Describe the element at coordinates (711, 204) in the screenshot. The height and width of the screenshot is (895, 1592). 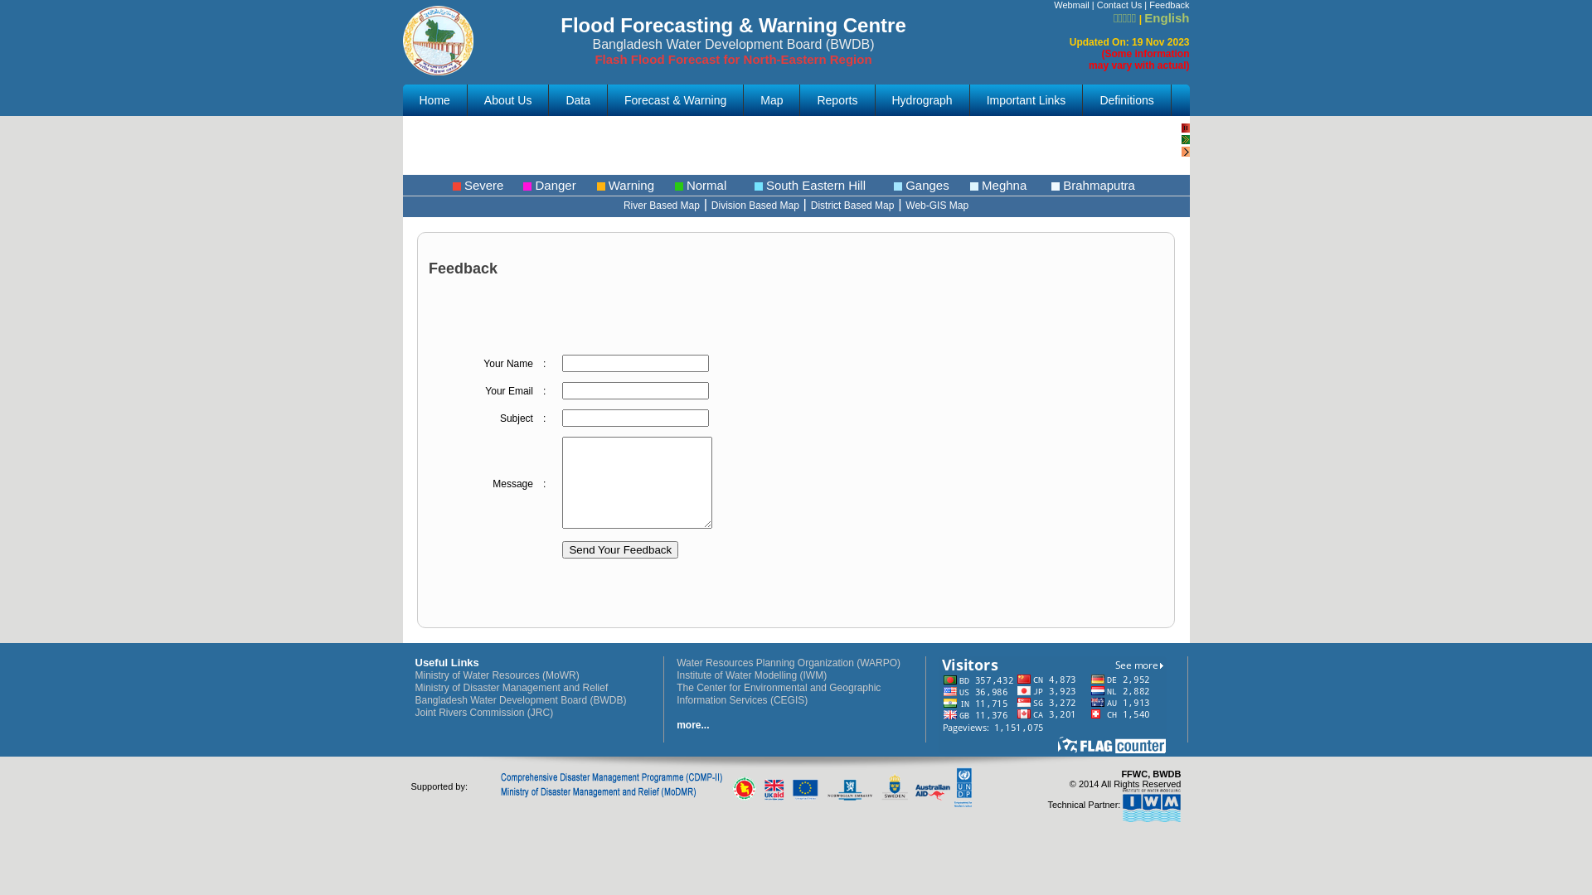
I see `'Division Based Map'` at that location.